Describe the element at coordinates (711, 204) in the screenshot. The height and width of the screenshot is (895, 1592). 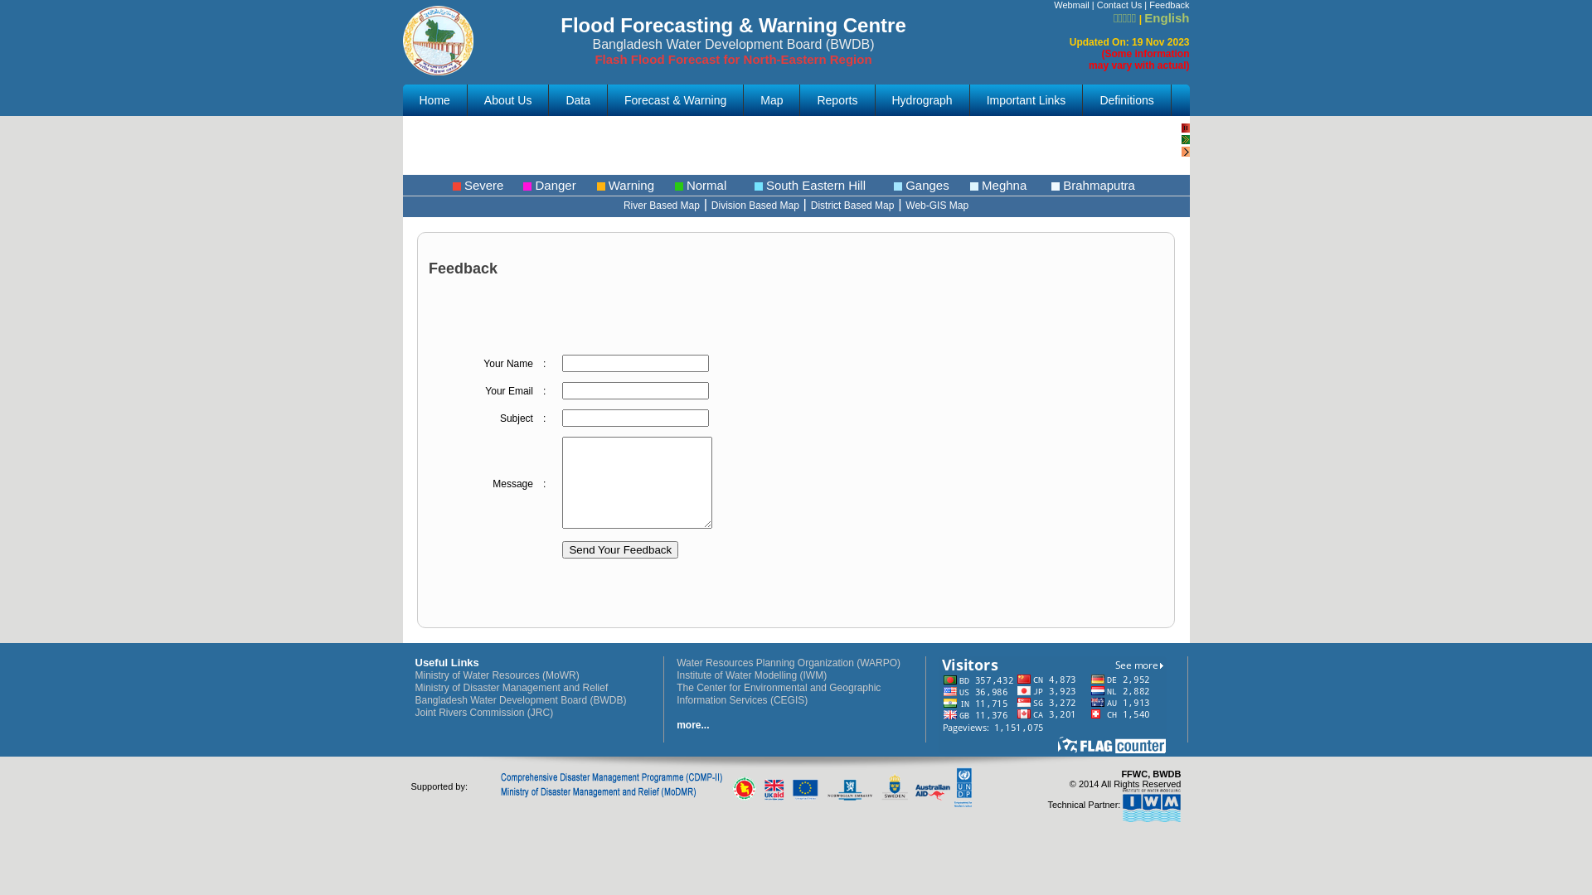
I see `'Division Based Map'` at that location.